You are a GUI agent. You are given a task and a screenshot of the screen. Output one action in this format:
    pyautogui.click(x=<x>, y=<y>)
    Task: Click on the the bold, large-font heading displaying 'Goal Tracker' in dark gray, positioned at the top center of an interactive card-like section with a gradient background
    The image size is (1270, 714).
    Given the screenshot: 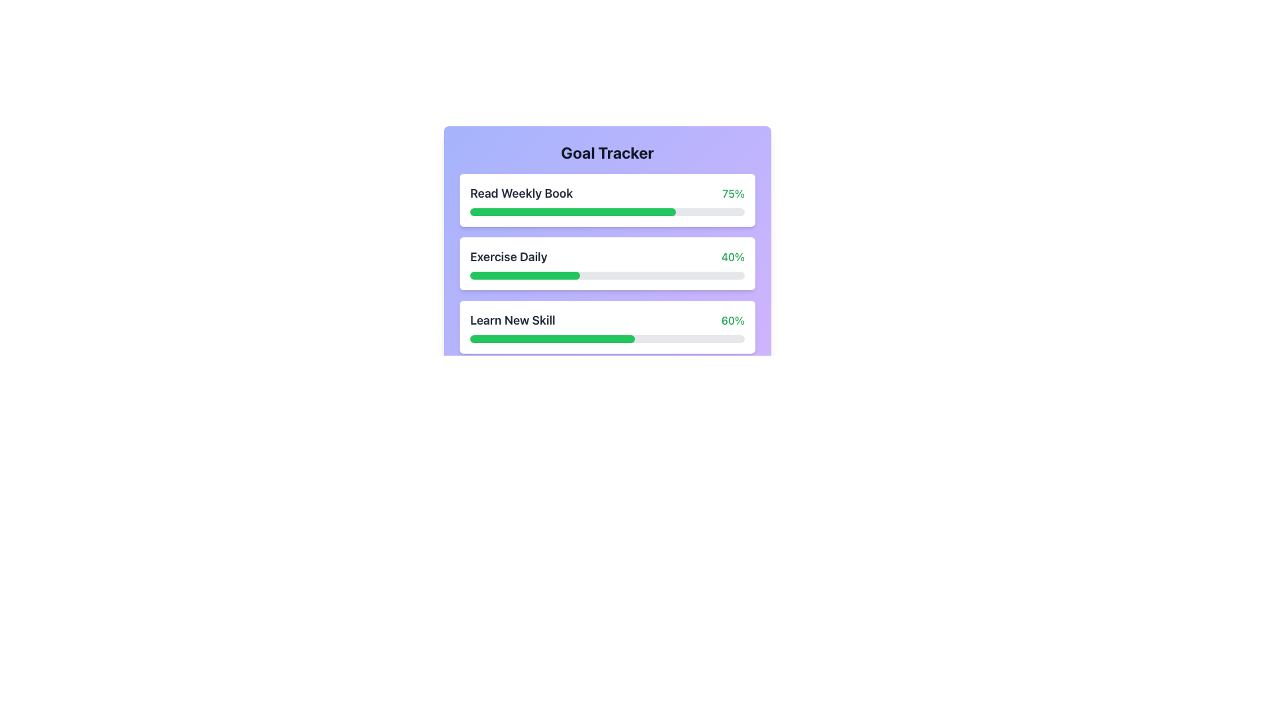 What is the action you would take?
    pyautogui.click(x=607, y=152)
    